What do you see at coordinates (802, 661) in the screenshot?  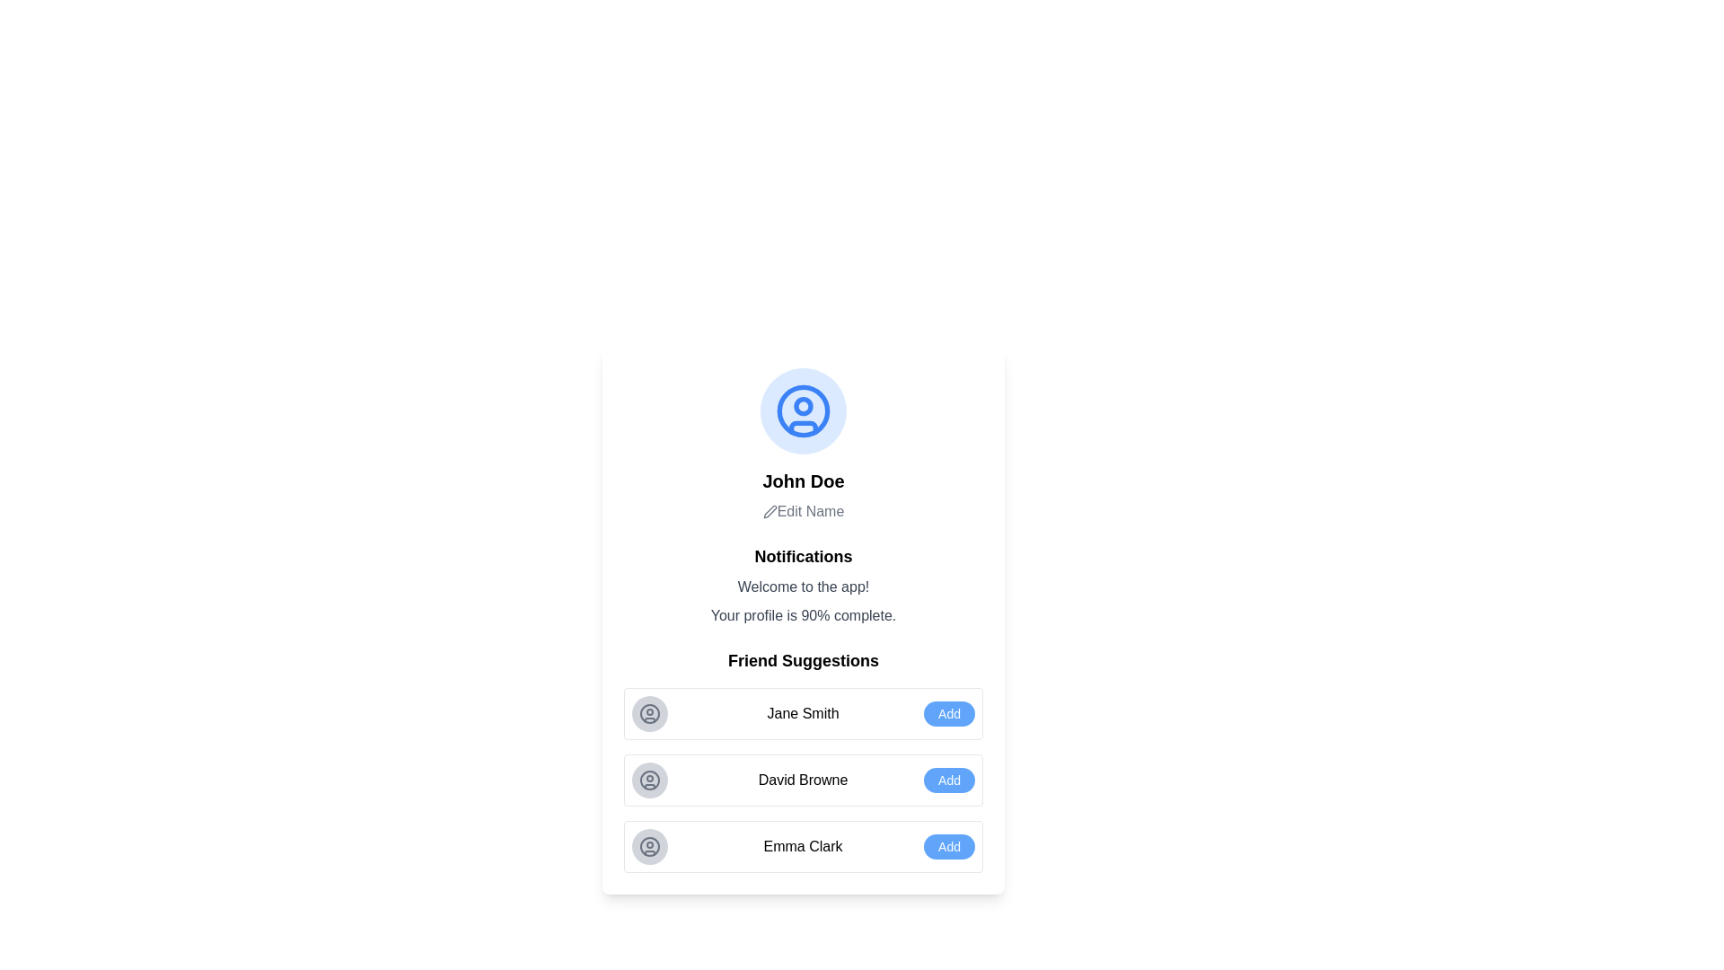 I see `text 'Friend Suggestions' from the section header that introduces the friend suggestions list` at bounding box center [802, 661].